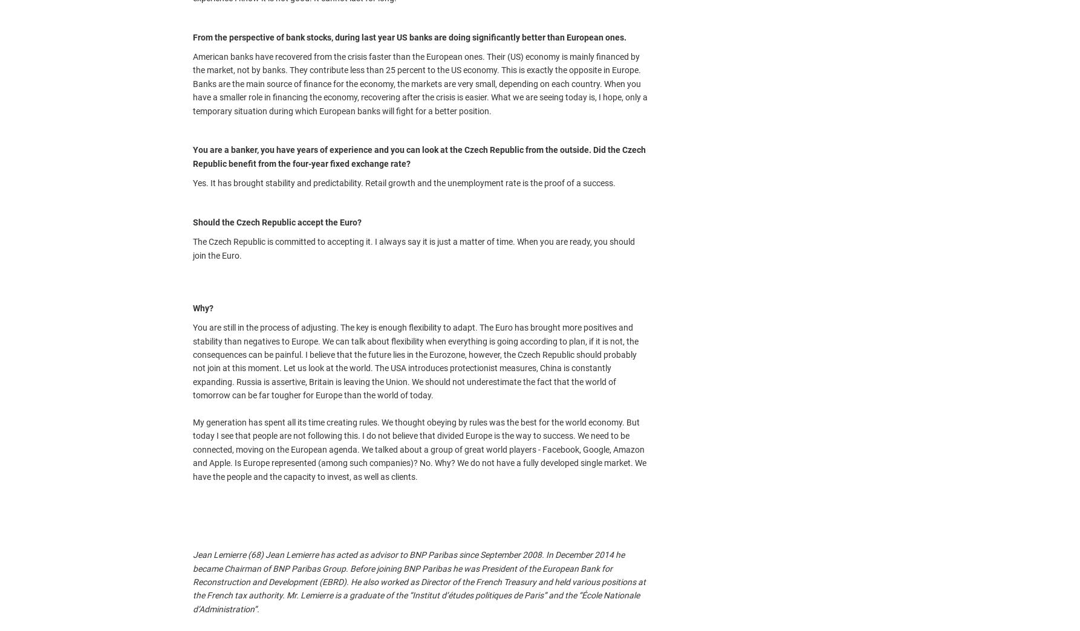  What do you see at coordinates (415, 361) in the screenshot?
I see `'You are still in the process of adjusting. The key is enough flexibility to adapt. The Euro has brought more positives and stability than negatives to Europe. We can talk about flexibility when everything is going according to plan, if it is not, the consequences can be painful. I believe that the future lies in the Eurozone, however, the Czech Republic should probably not join at this moment. Let us look at the world. The USA introduces protectionist measures, China is constantly expanding. Russia is assertive, Britain is leaving the Union. We should not underestimate the fact that the world of tomorrow can be far tougher for Europe than the world of today.'` at bounding box center [415, 361].